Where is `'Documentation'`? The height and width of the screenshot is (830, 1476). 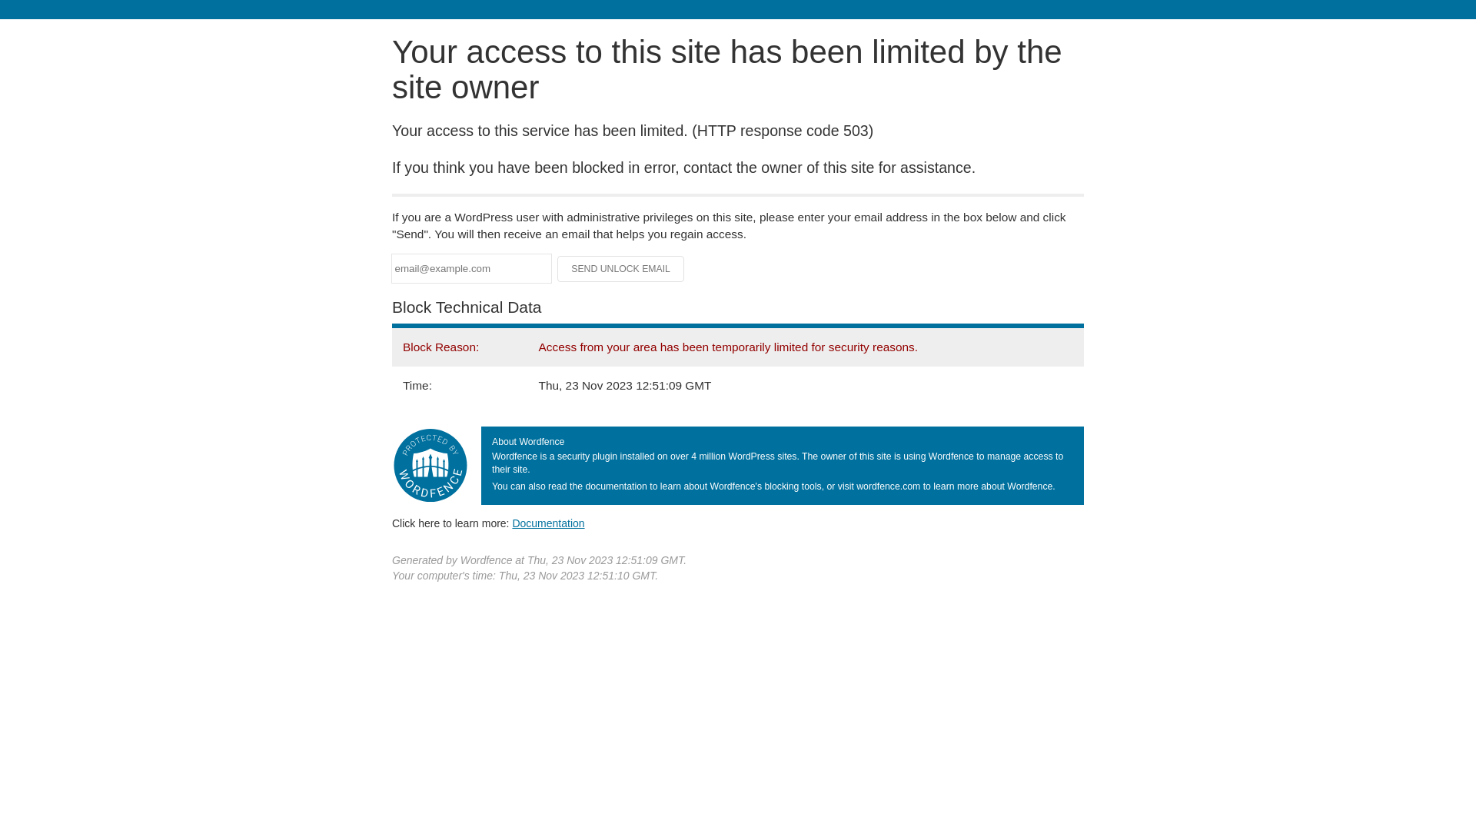
'Documentation' is located at coordinates (548, 523).